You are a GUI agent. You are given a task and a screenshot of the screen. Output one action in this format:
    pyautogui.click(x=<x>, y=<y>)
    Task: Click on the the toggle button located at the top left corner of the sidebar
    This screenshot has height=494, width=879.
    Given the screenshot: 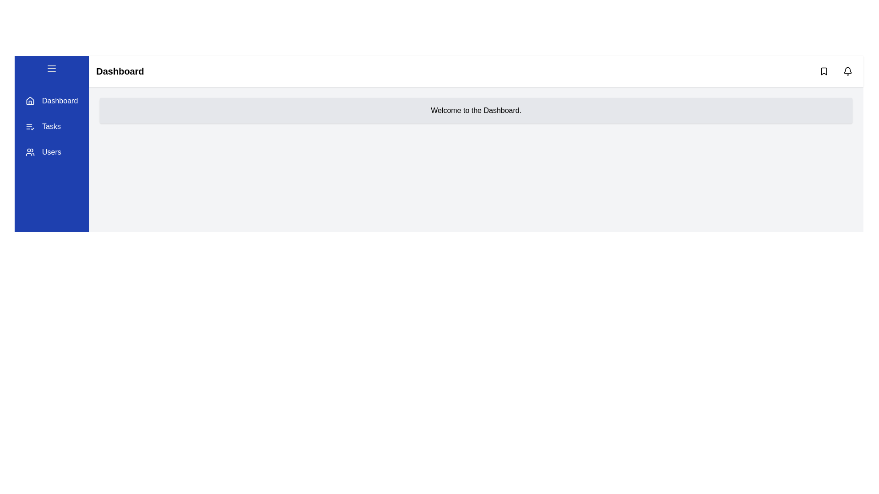 What is the action you would take?
    pyautogui.click(x=51, y=70)
    